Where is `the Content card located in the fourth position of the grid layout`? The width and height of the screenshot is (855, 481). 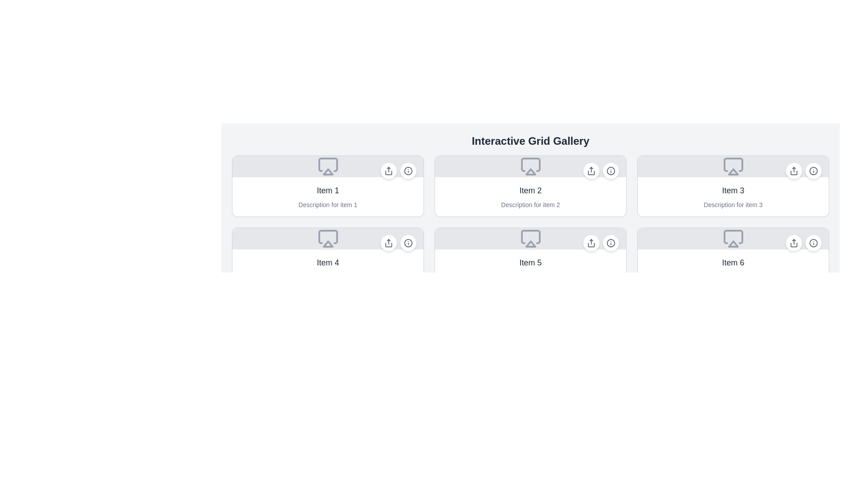
the Content card located in the fourth position of the grid layout is located at coordinates (327, 269).